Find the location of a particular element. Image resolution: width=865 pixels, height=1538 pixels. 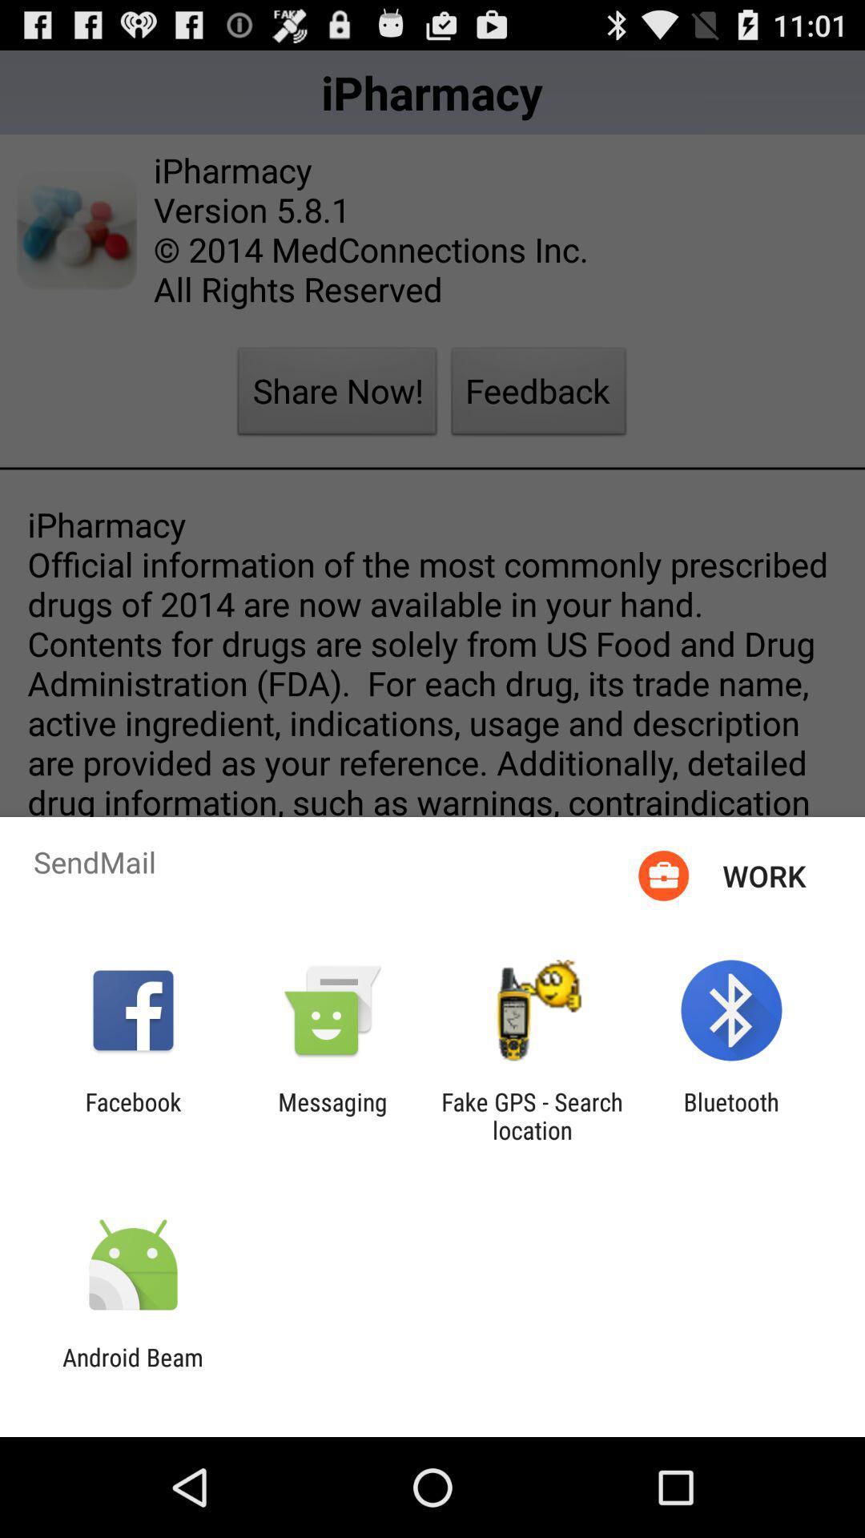

the icon to the left of the fake gps search app is located at coordinates (332, 1115).